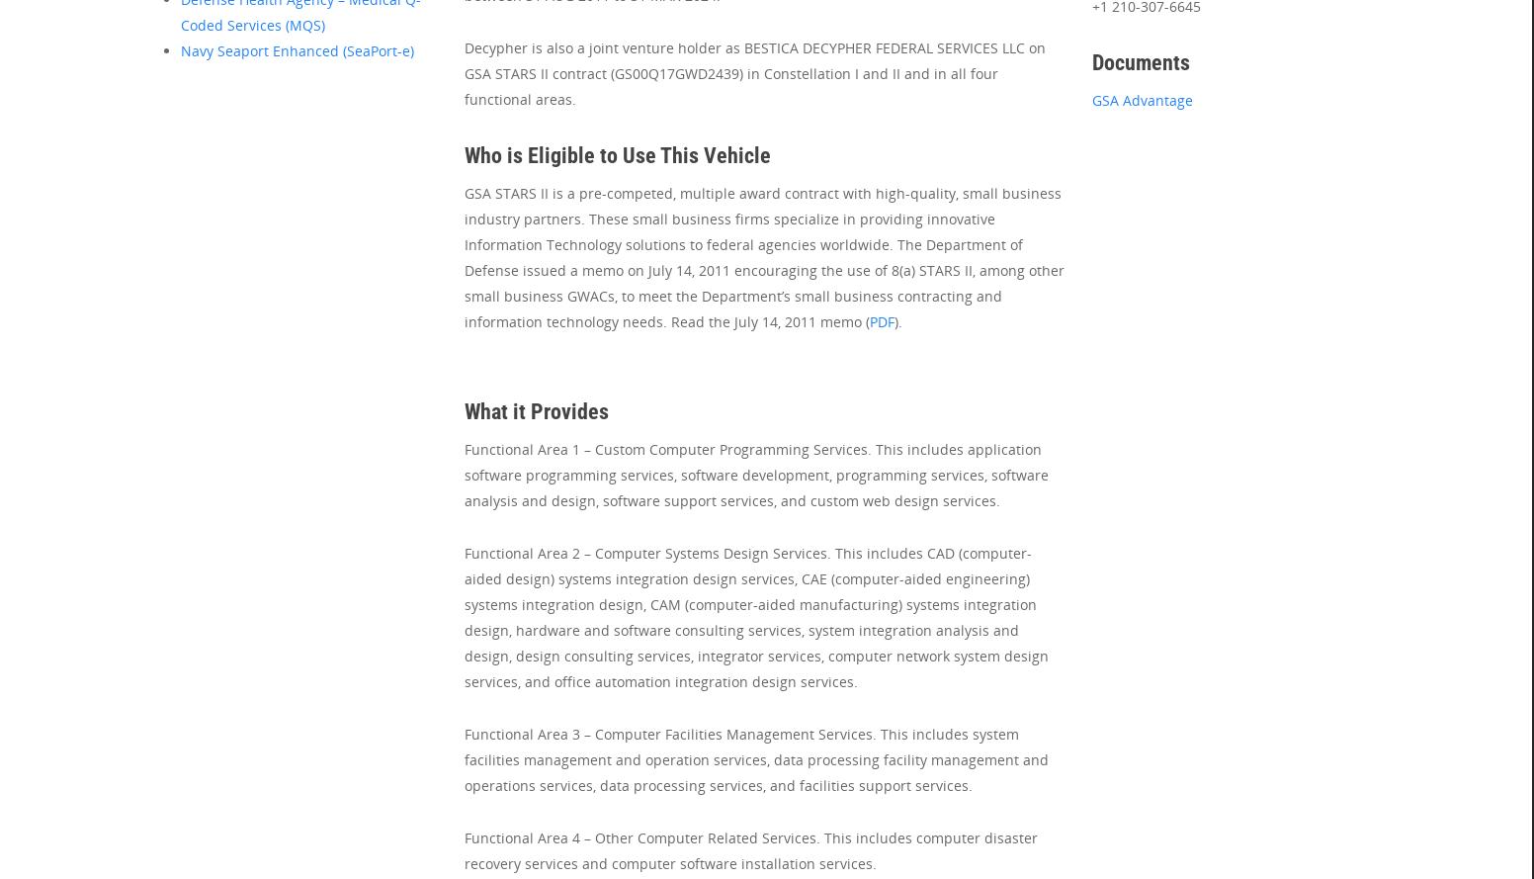 The width and height of the screenshot is (1534, 879). I want to click on 'Decypher is also a joint venture holder as BESTICA DECYPHER FEDERAL SERVICES LLC on GSA STARS II contract (GS00Q17GWD2439) in Constellation I and II and in all four functional areas.', so click(464, 72).